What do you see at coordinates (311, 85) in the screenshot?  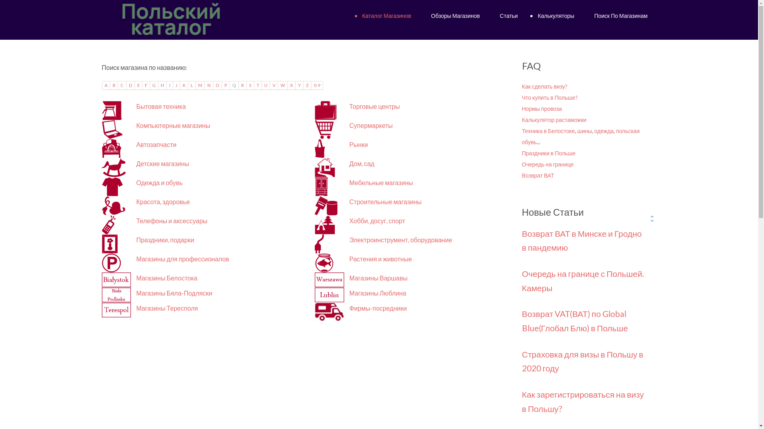 I see `'0-9'` at bounding box center [311, 85].